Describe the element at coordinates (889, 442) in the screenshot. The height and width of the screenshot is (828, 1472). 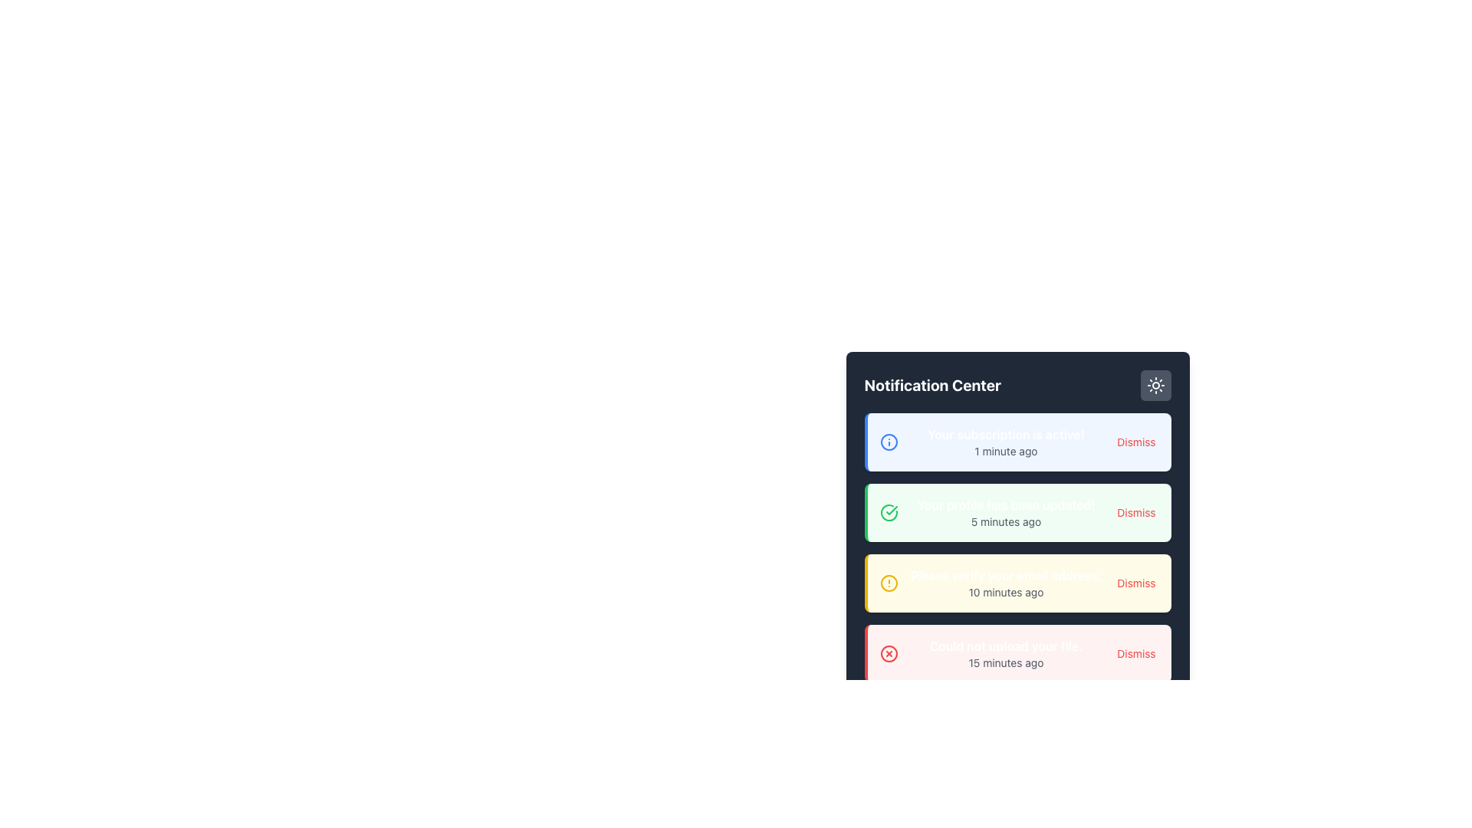
I see `the outer boundary circle of the information symbol located at the top-right corner of the notification center's header bar` at that location.